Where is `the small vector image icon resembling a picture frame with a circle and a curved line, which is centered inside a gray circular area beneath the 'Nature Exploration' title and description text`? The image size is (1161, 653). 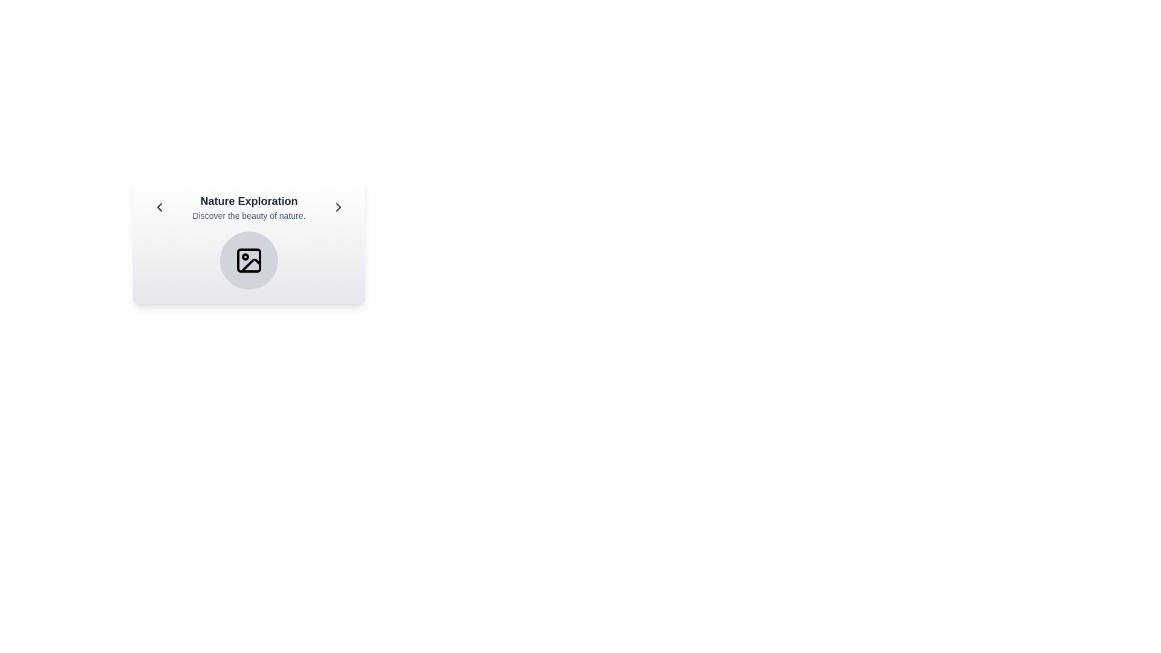
the small vector image icon resembling a picture frame with a circle and a curved line, which is centered inside a gray circular area beneath the 'Nature Exploration' title and description text is located at coordinates (249, 260).